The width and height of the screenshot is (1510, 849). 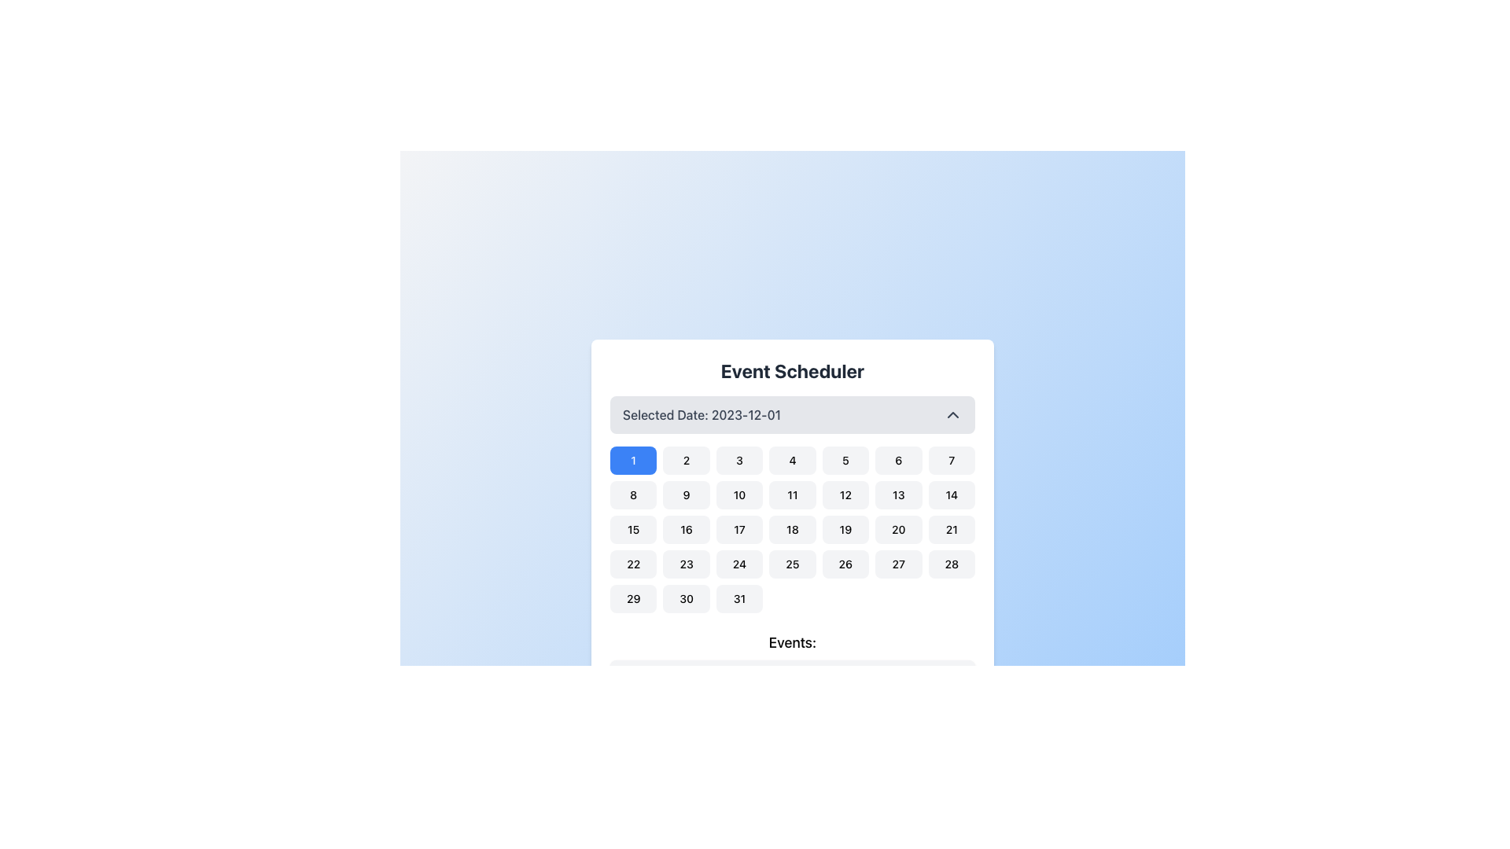 What do you see at coordinates (738, 460) in the screenshot?
I see `the button displaying the digit '3' with a light gray background and rounded corners` at bounding box center [738, 460].